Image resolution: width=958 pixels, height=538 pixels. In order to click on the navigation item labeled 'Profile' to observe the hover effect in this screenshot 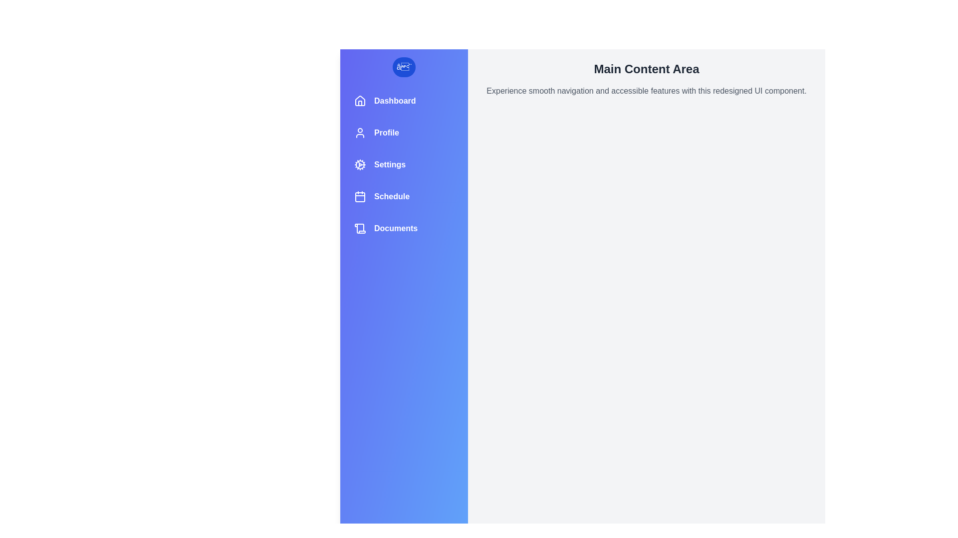, I will do `click(404, 132)`.